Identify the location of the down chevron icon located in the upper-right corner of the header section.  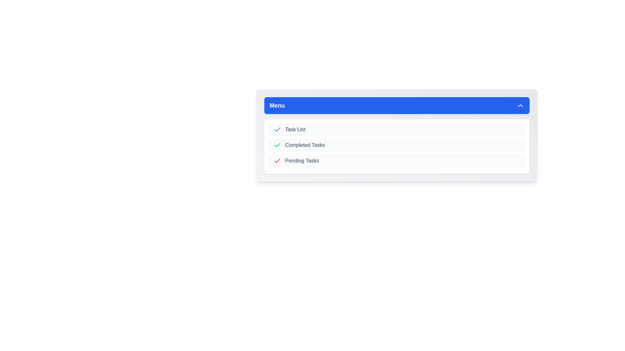
(520, 105).